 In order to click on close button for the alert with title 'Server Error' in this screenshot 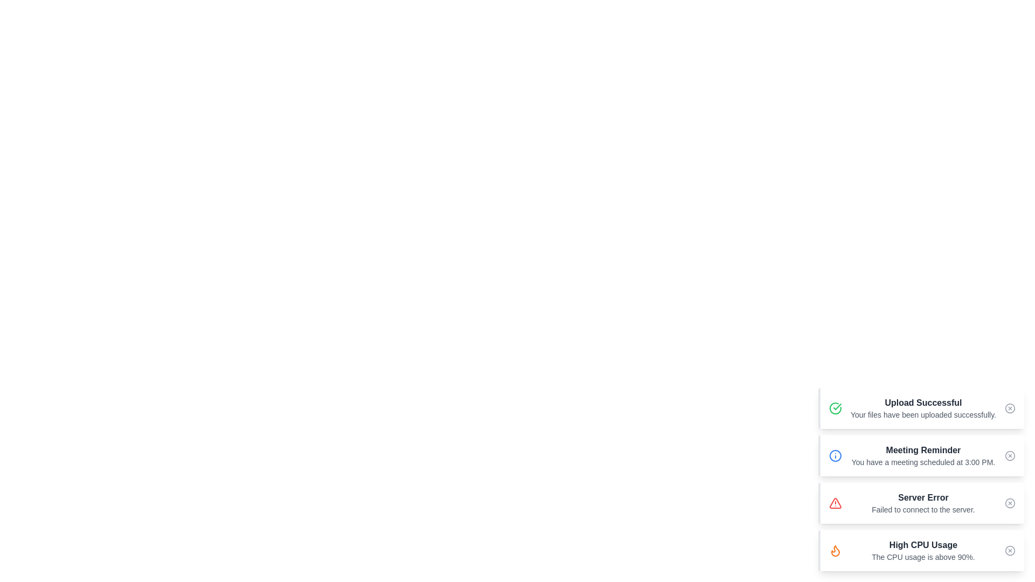, I will do `click(1009, 503)`.